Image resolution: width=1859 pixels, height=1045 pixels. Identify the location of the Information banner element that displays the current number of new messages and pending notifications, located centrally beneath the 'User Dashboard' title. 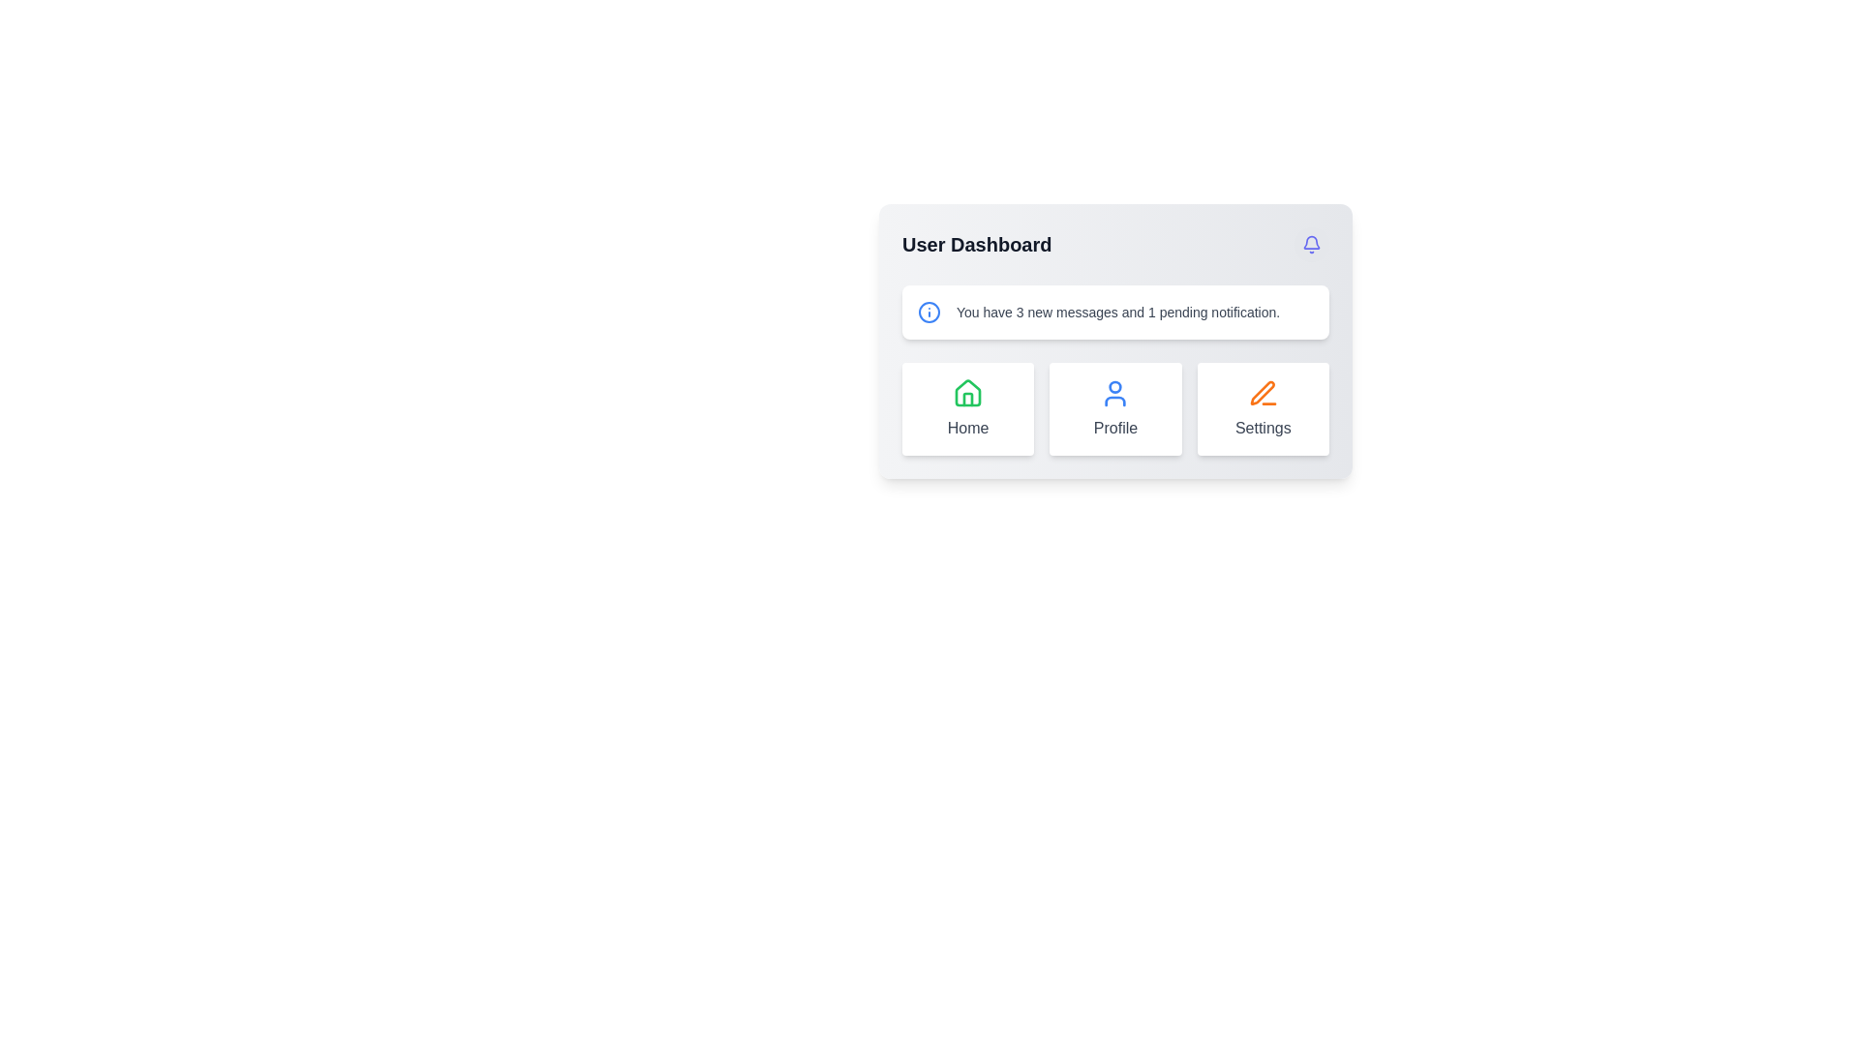
(1115, 312).